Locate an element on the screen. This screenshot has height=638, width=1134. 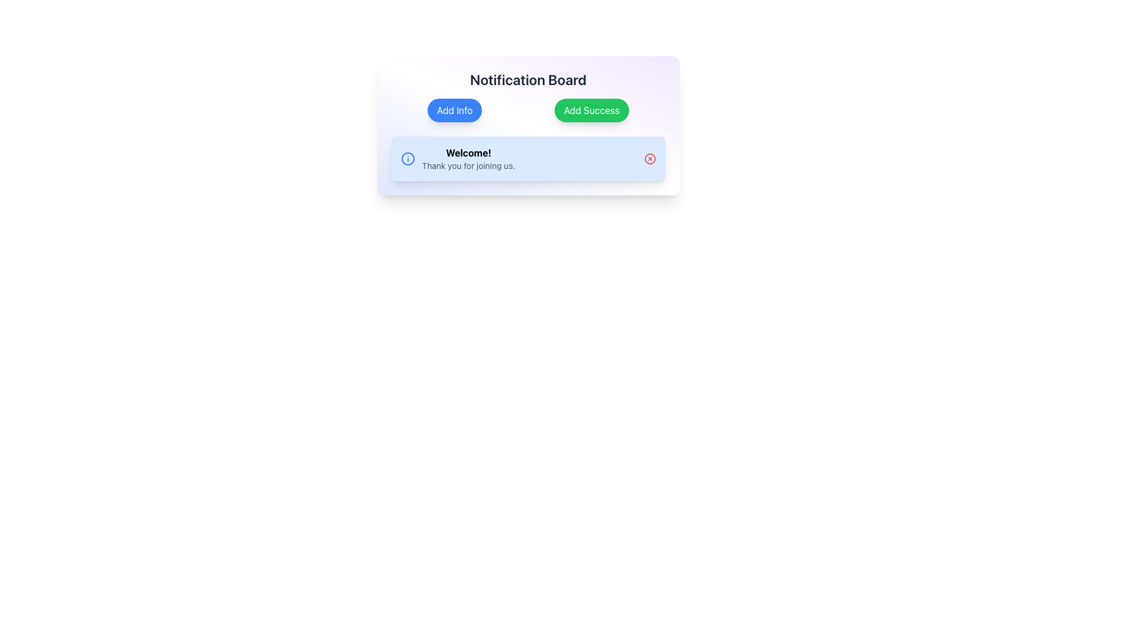
the Informational Icon, which is a blue outlined circle with a vertical line representing information, located to the left of the text 'Welcome! Thank you for joining us.' is located at coordinates (408, 158).